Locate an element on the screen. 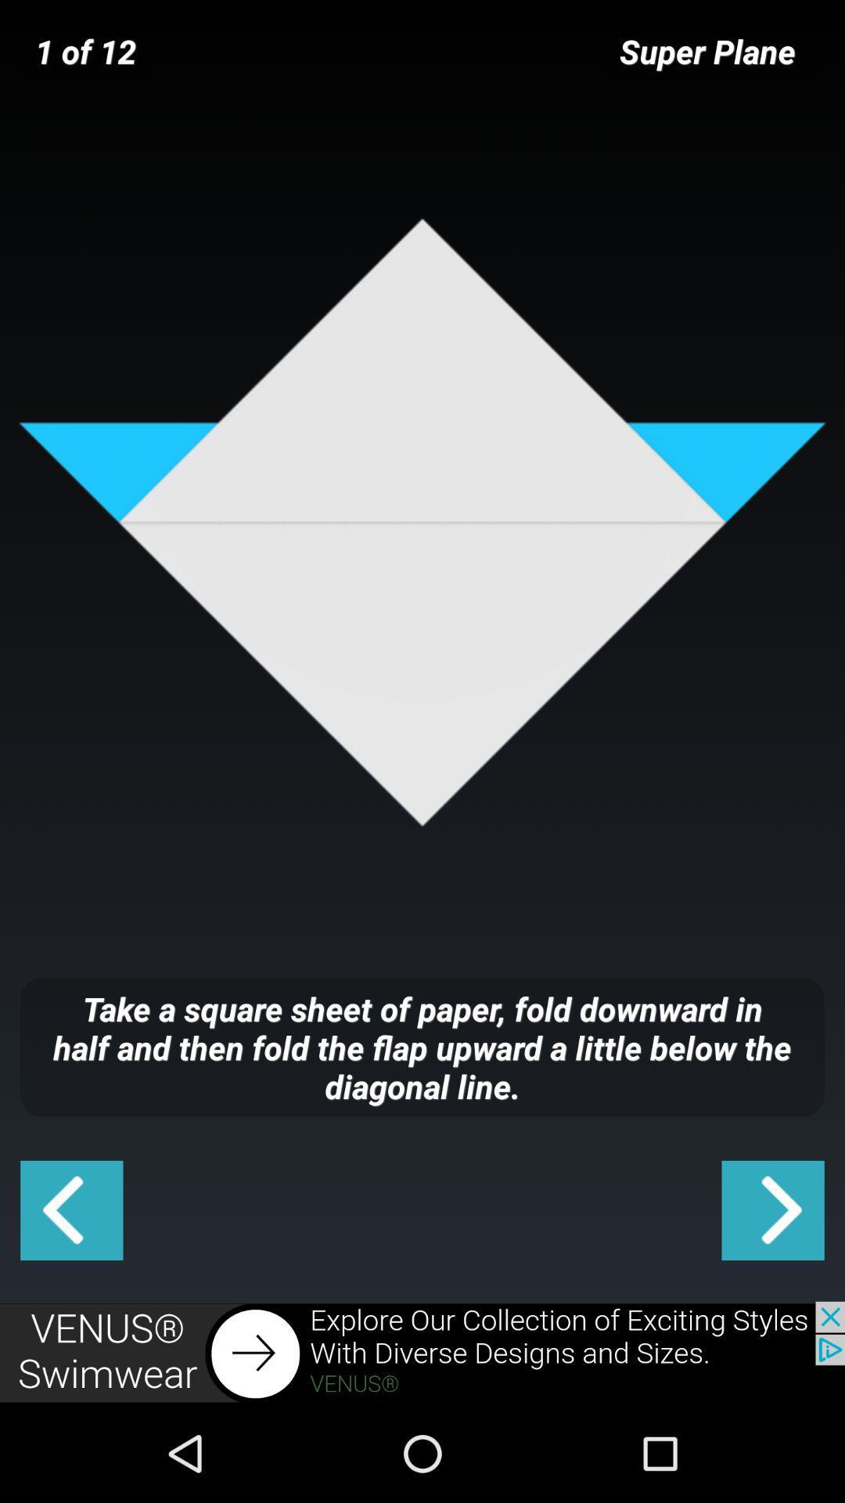 The height and width of the screenshot is (1503, 845). previous is located at coordinates (71, 1209).